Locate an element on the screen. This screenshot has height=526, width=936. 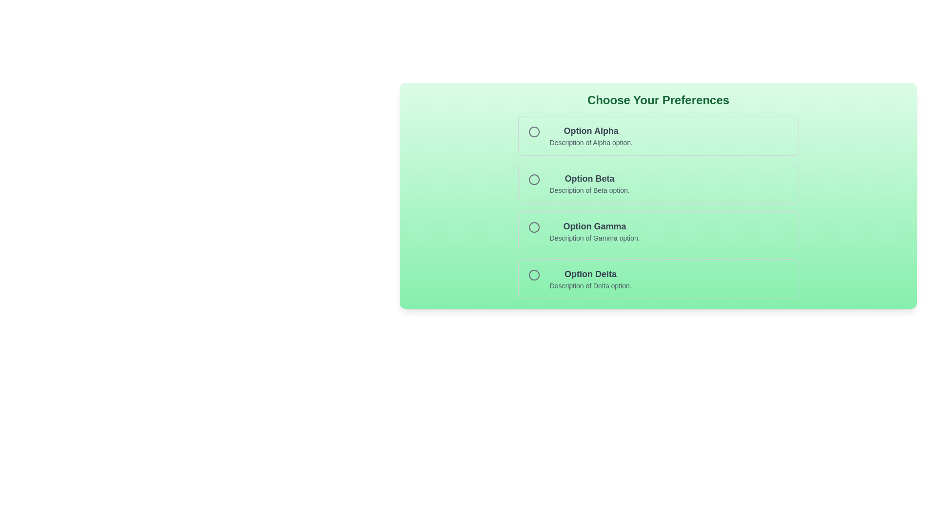
the radio button in the selectable list item labeled 'Option Gamma' is located at coordinates (658, 231).